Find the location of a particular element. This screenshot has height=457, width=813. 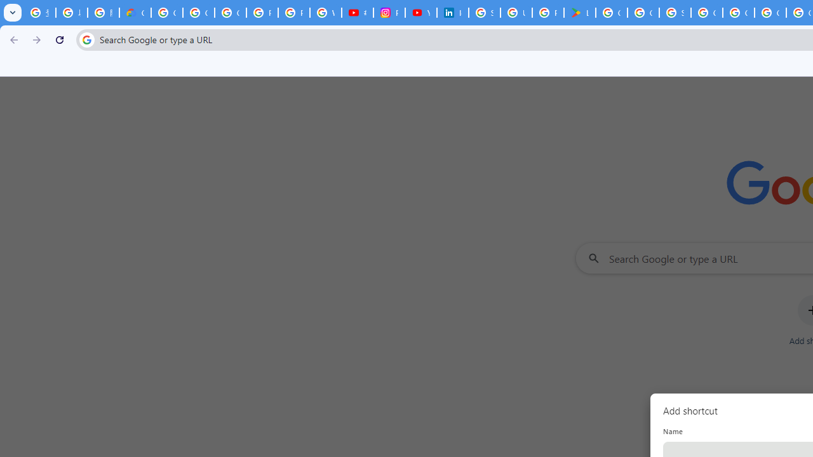

'Privacy Help Center - Policies Help' is located at coordinates (261, 13).